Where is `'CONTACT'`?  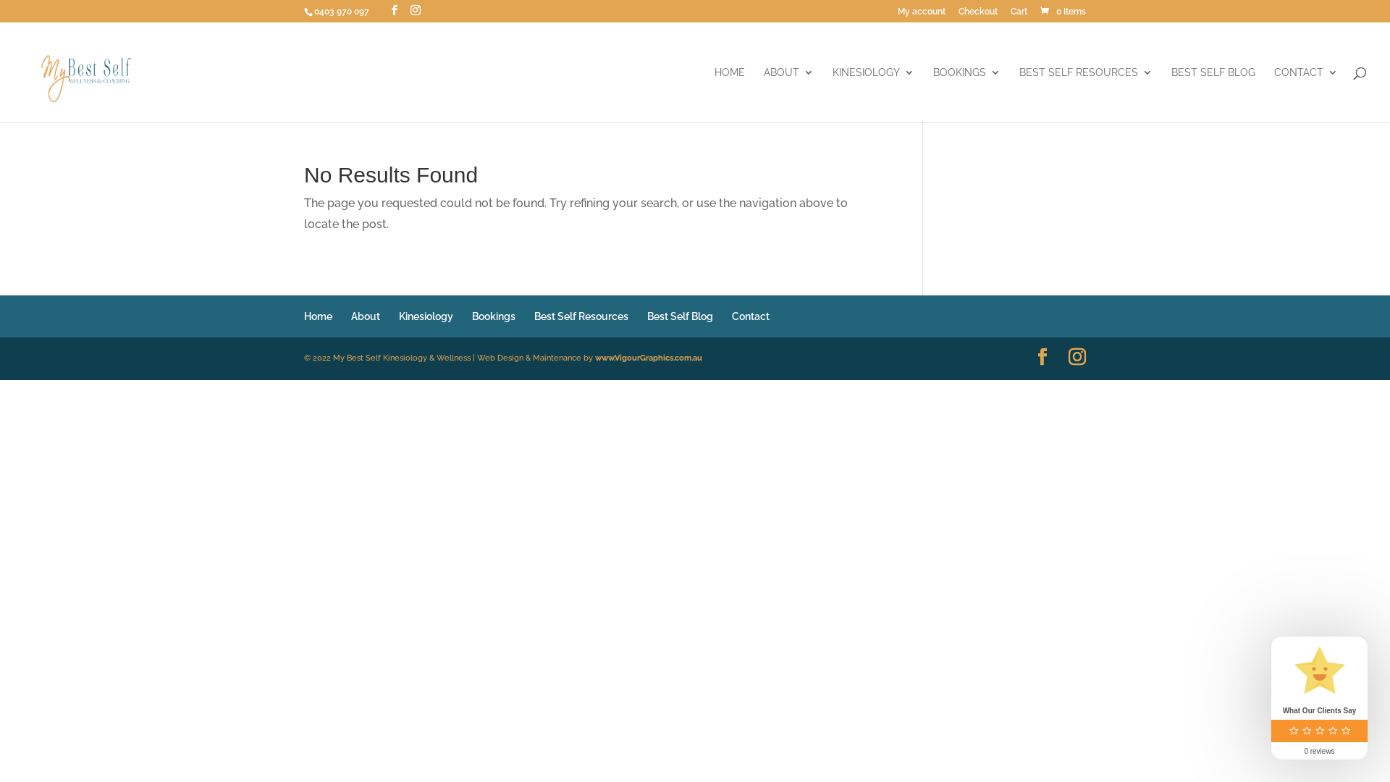
'CONTACT' is located at coordinates (1306, 95).